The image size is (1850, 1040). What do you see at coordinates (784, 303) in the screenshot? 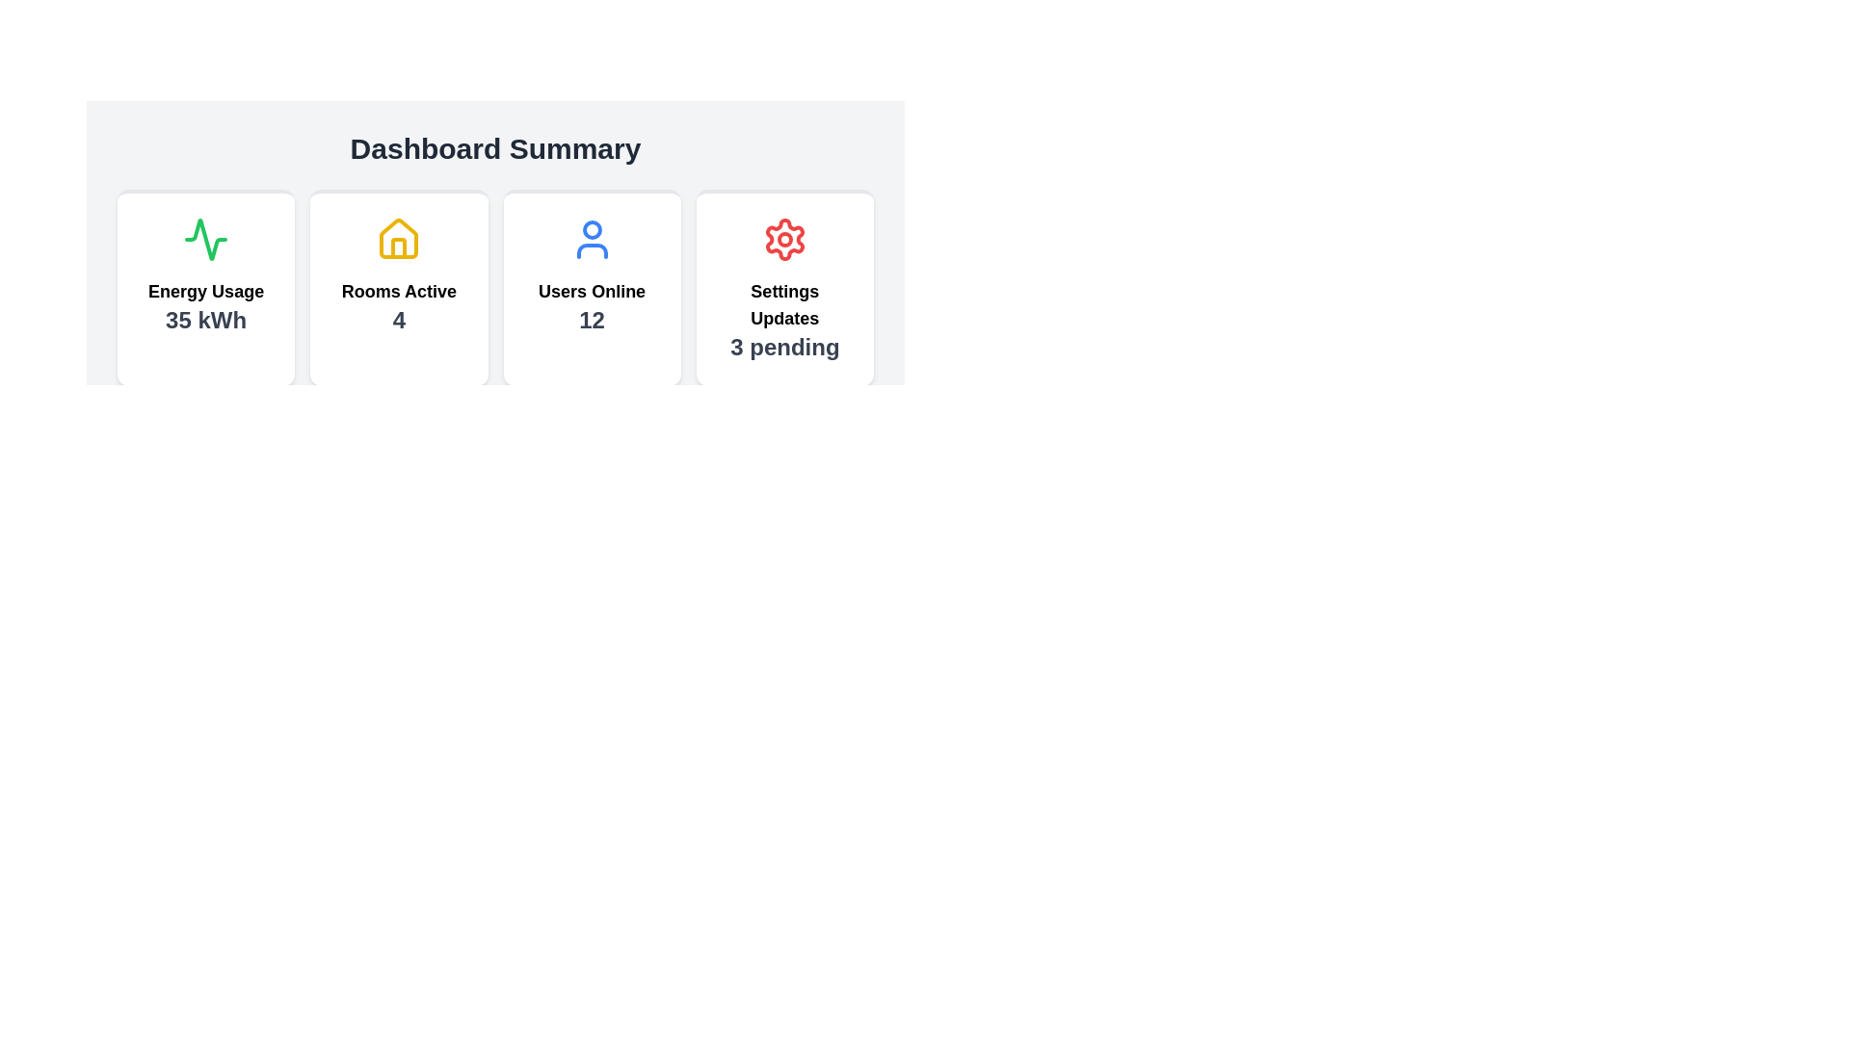
I see `text label indicating updates concerning settings, located in the fourth card under the heading 'Dashboard Summary', positioned below a red gear icon and above the text '3 pending'` at bounding box center [784, 303].